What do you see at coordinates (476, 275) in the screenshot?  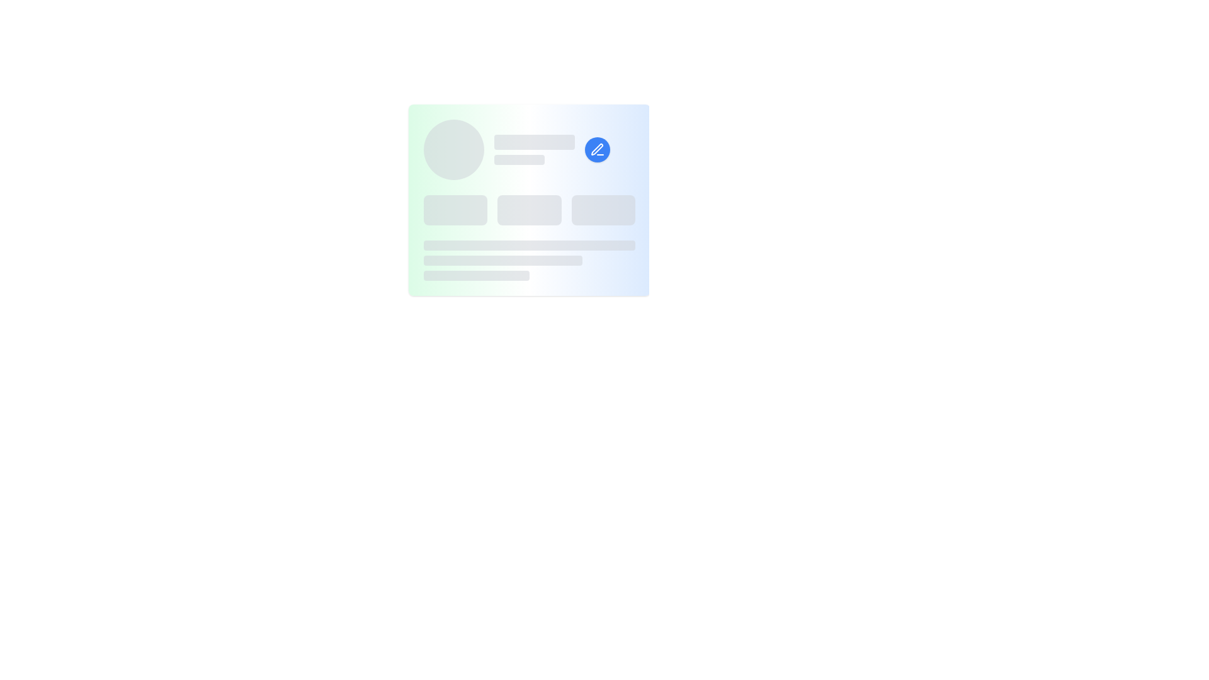 I see `the Loading placeholder bar, which is the third and smallest bar in a group of three horizontally stacked bars, indicating a loading process` at bounding box center [476, 275].